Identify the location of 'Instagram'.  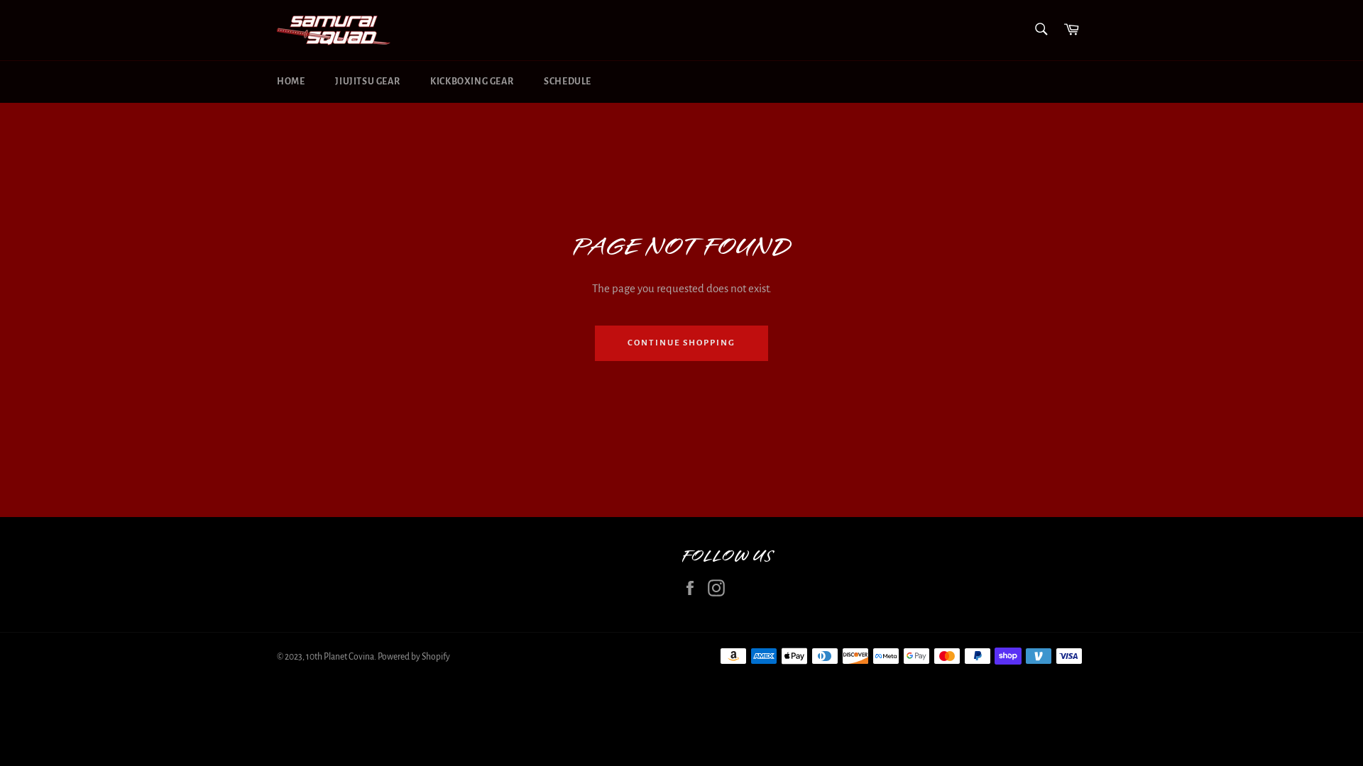
(719, 587).